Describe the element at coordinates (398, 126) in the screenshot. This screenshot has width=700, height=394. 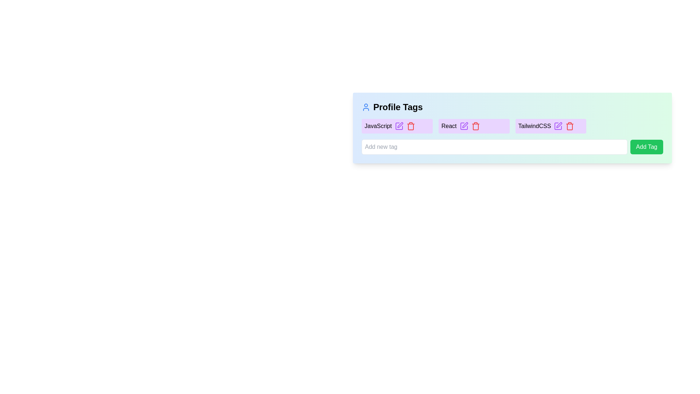
I see `the icon representing editing or modification actions, located to the right of the 'JavaScript' label` at that location.